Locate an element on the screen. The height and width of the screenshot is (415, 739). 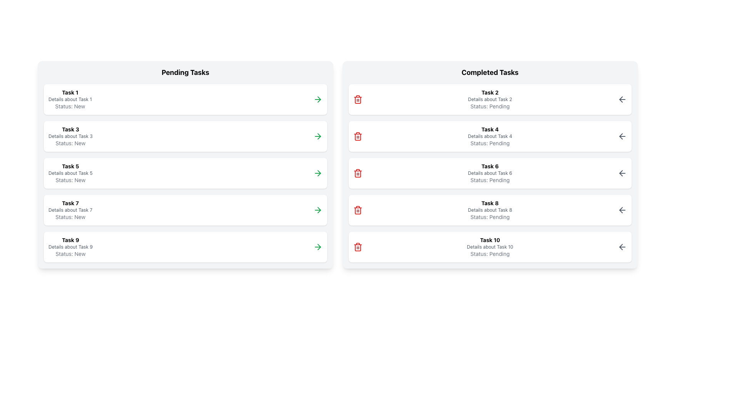
the trash can icon in the 'Completed Tasks' section, which is aligned vertically alongside the text of 'Task 6' is located at coordinates (357, 173).